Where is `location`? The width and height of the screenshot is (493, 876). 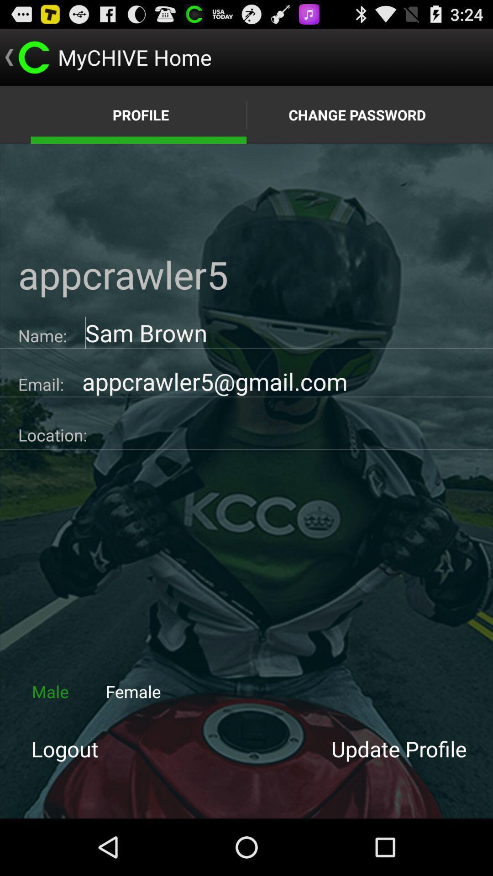 location is located at coordinates (290, 431).